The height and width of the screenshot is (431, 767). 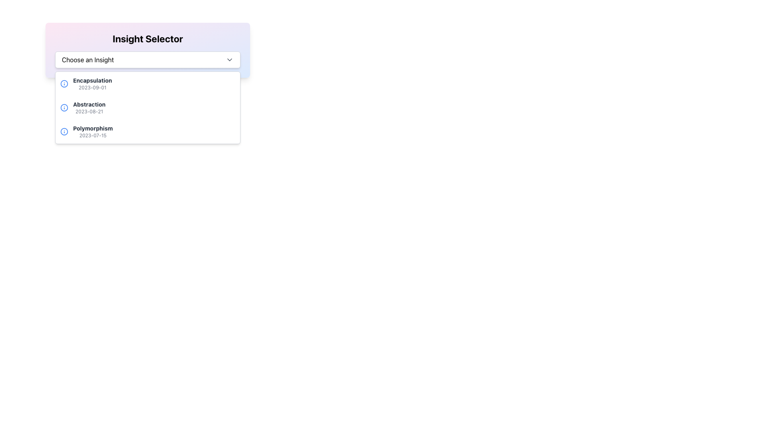 What do you see at coordinates (64, 83) in the screenshot?
I see `the blue circular icon with an exclamation mark inside that is positioned next to the text 'Encapsulation' in the 'Insight Selector' list` at bounding box center [64, 83].